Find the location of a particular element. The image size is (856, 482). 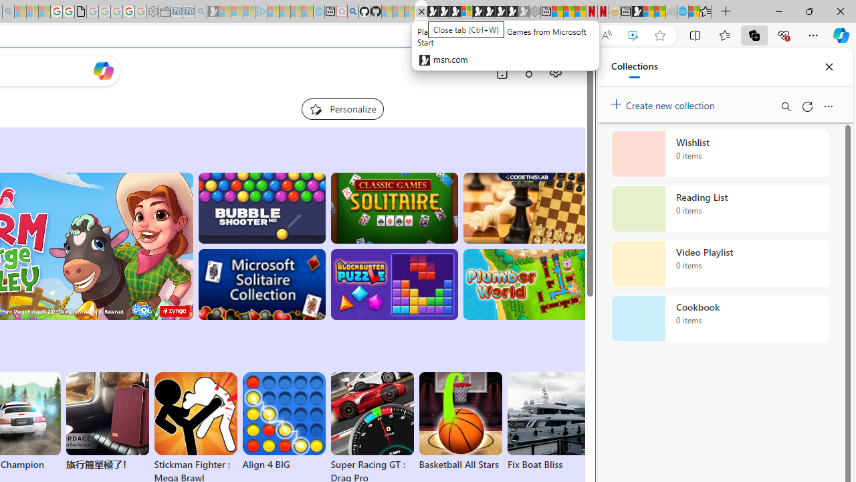

'More options menu' is located at coordinates (827, 106).